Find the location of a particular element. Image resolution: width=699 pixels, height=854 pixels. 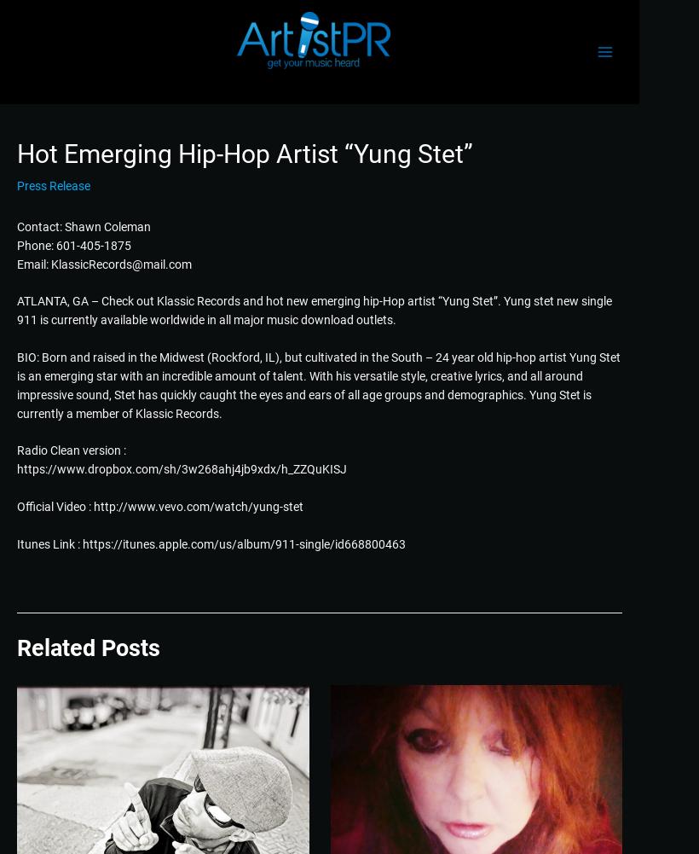

'Related Posts' is located at coordinates (87, 648).